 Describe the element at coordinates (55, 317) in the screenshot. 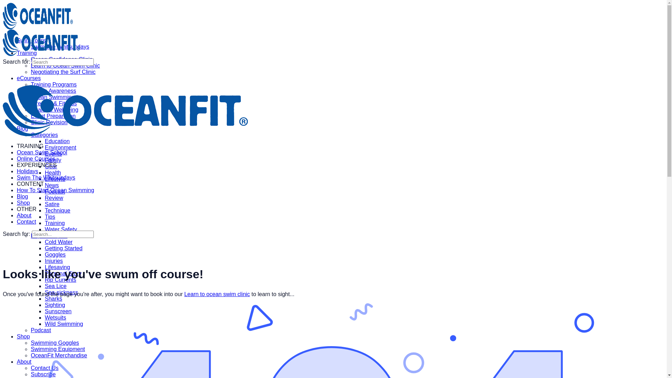

I see `'Wetsuits'` at that location.